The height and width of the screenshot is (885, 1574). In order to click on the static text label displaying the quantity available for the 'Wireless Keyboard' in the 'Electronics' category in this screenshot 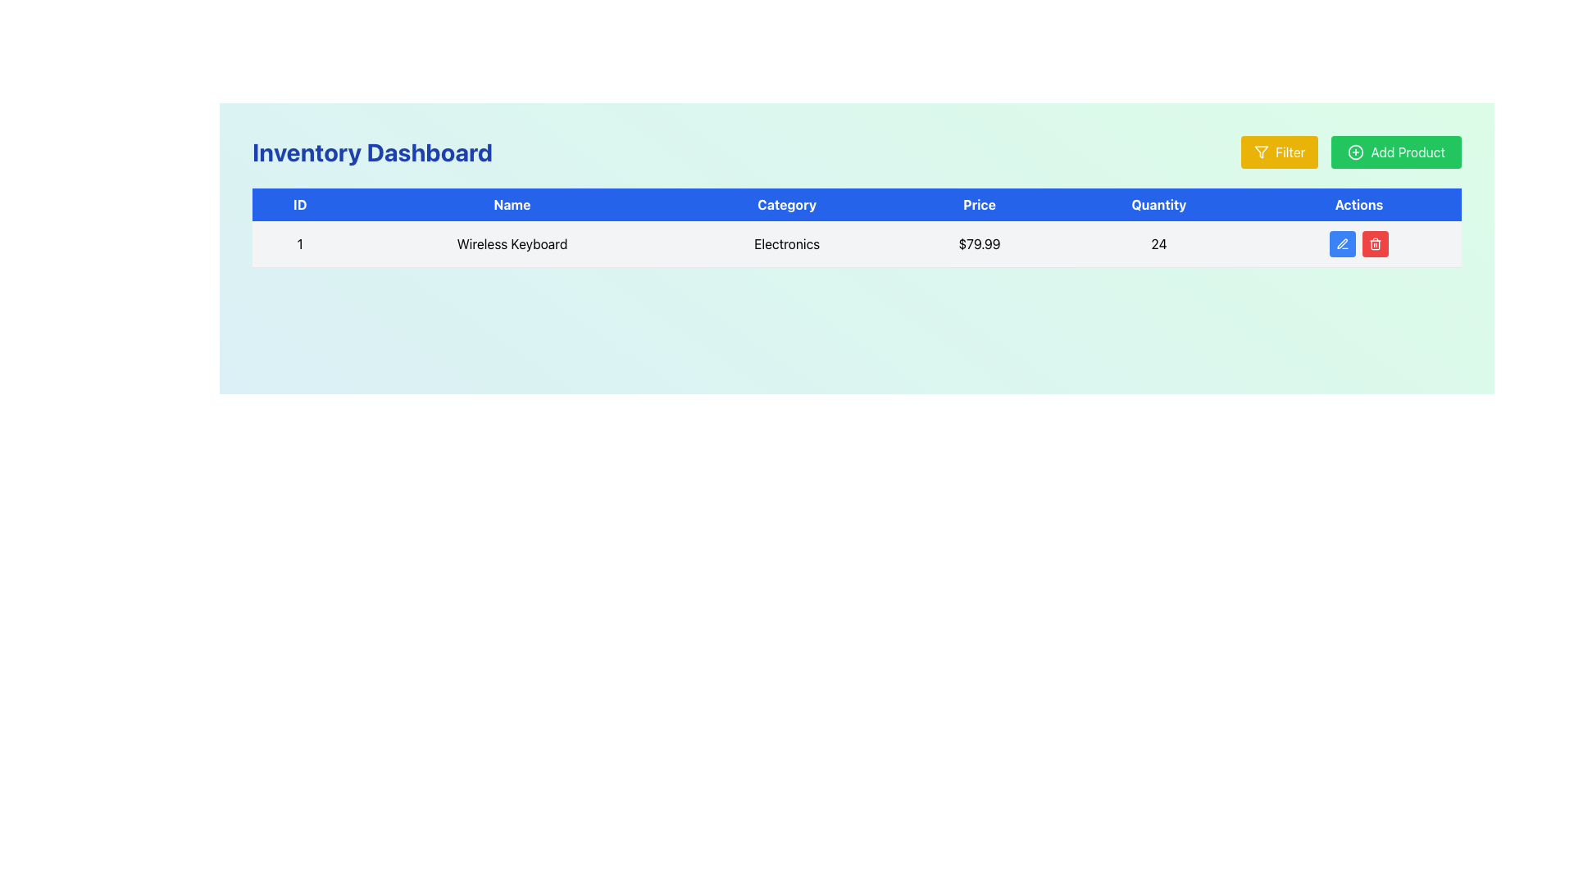, I will do `click(1158, 244)`.